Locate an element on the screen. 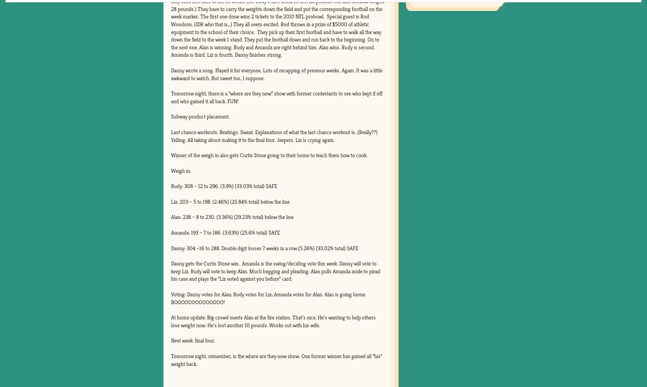 Image resolution: width=647 pixels, height=387 pixels. 'Tomorrow night, remember, is the where are they now show. One former winner has gained all “his” weight back.' is located at coordinates (276, 359).